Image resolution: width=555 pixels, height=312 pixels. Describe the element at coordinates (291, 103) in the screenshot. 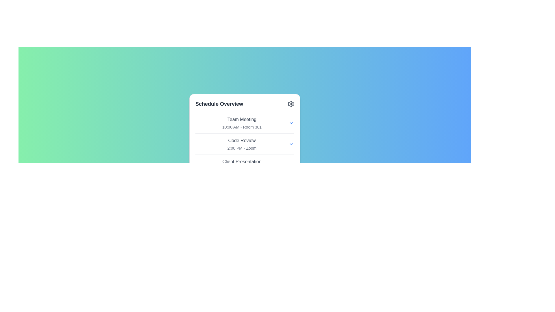

I see `the Iconic button located at the top-right corner of the 'Schedule Overview' box to change its color` at that location.